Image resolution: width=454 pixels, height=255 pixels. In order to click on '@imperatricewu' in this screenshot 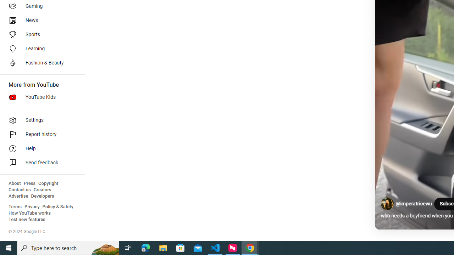, I will do `click(414, 204)`.